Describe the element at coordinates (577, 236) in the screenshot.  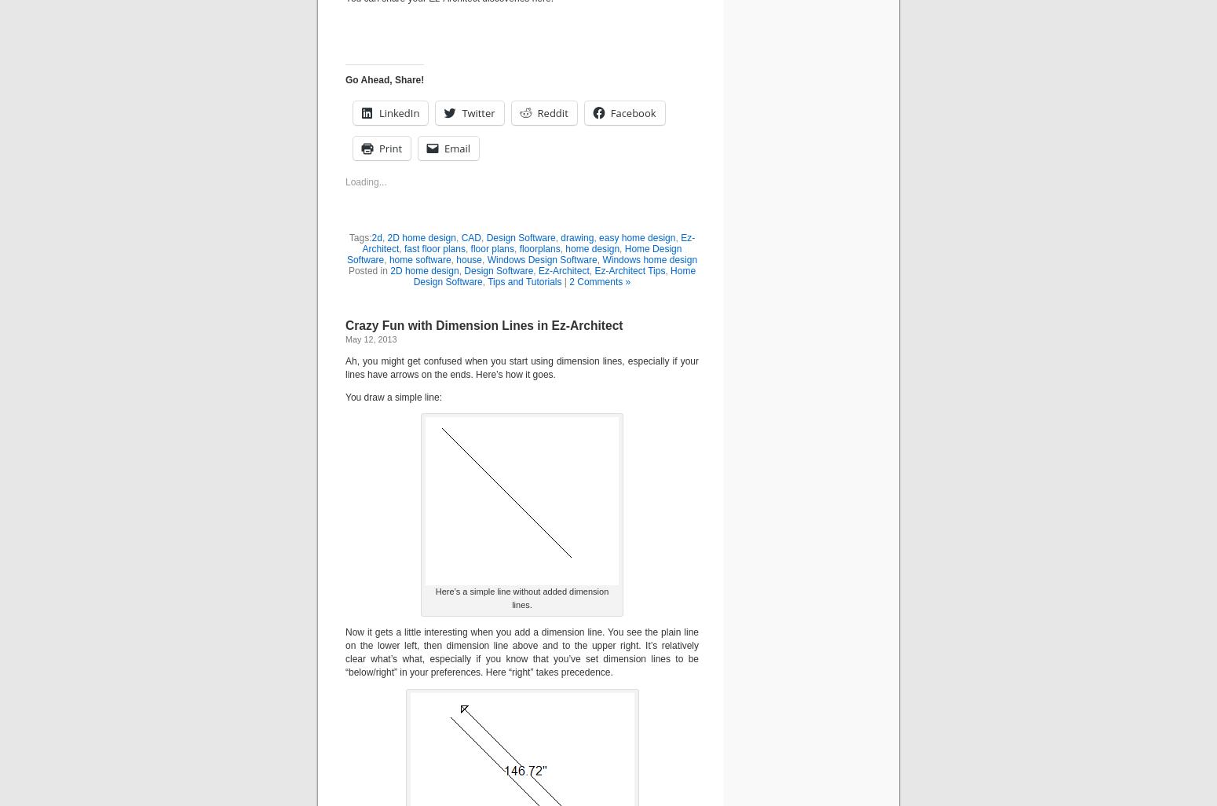
I see `'drawing'` at that location.